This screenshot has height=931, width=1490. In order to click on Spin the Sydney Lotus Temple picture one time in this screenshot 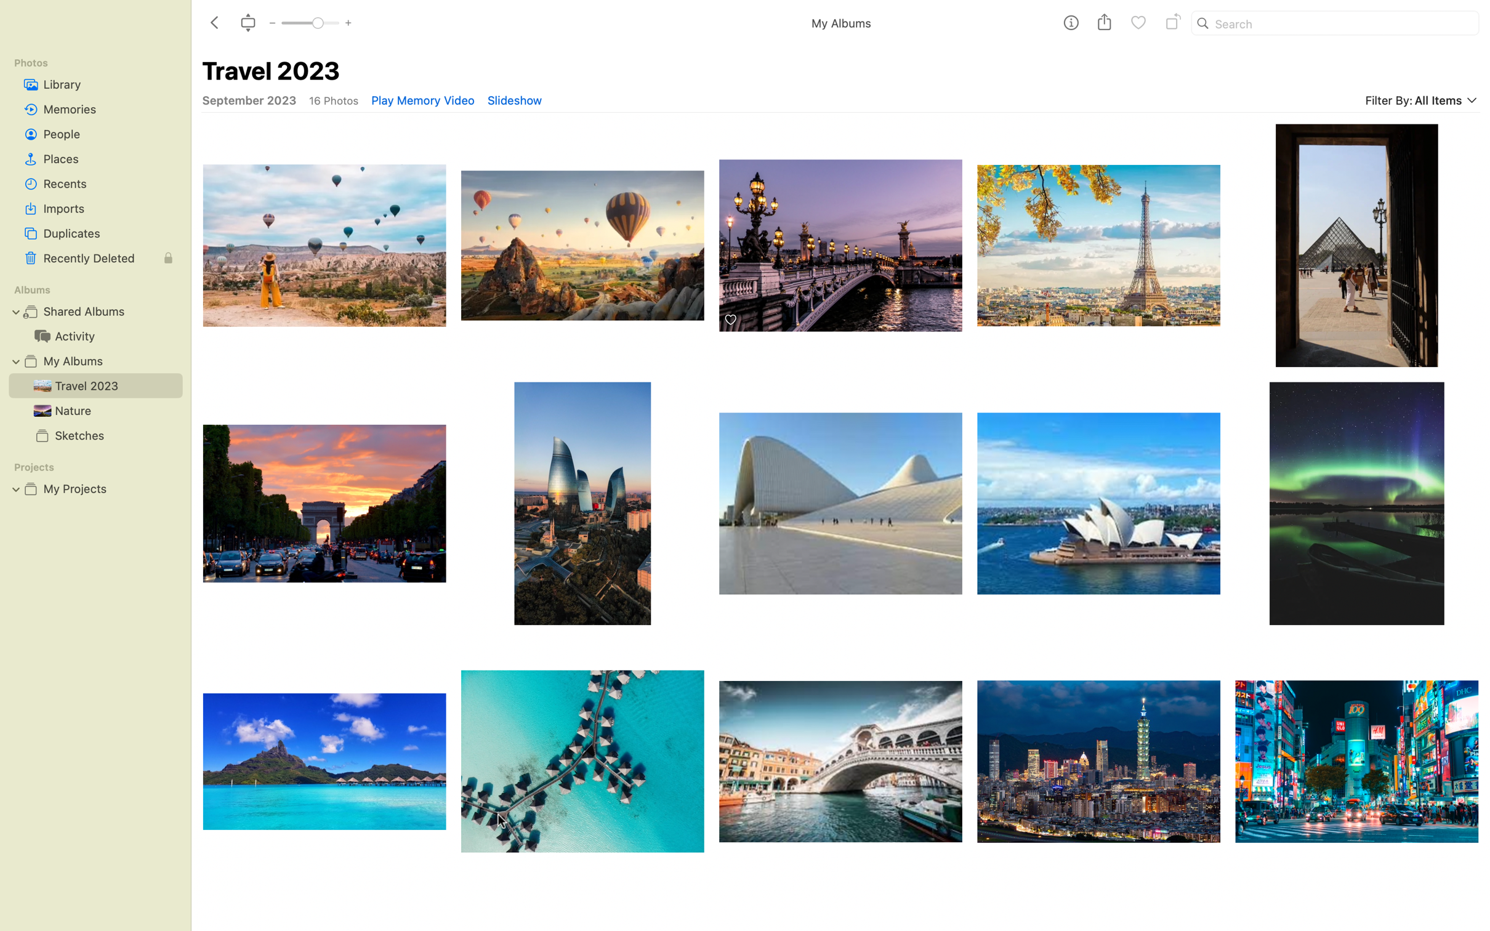, I will do `click(1099, 502)`.